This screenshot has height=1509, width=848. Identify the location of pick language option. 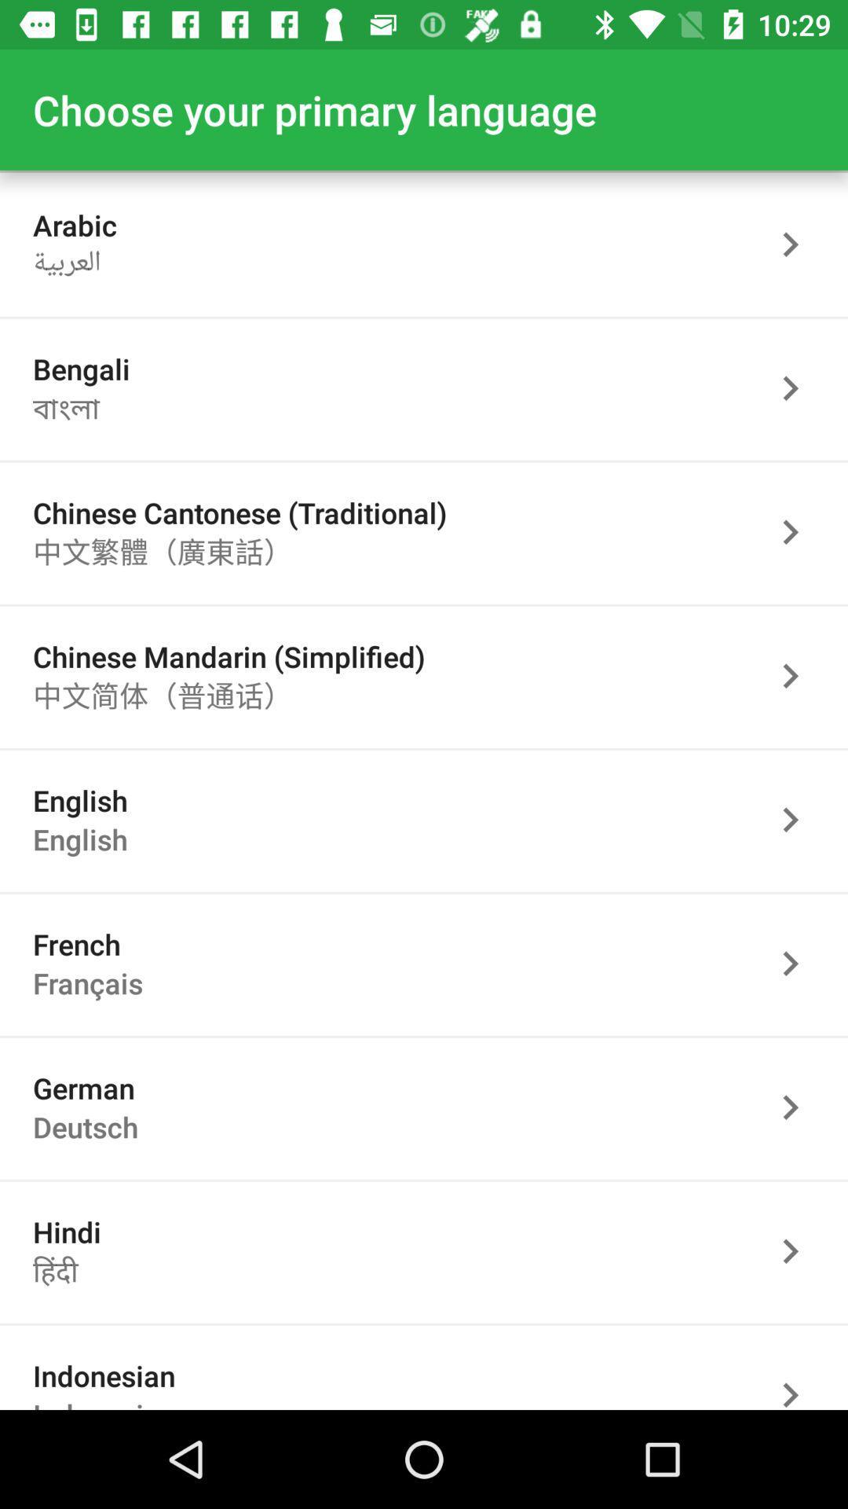
(799, 1372).